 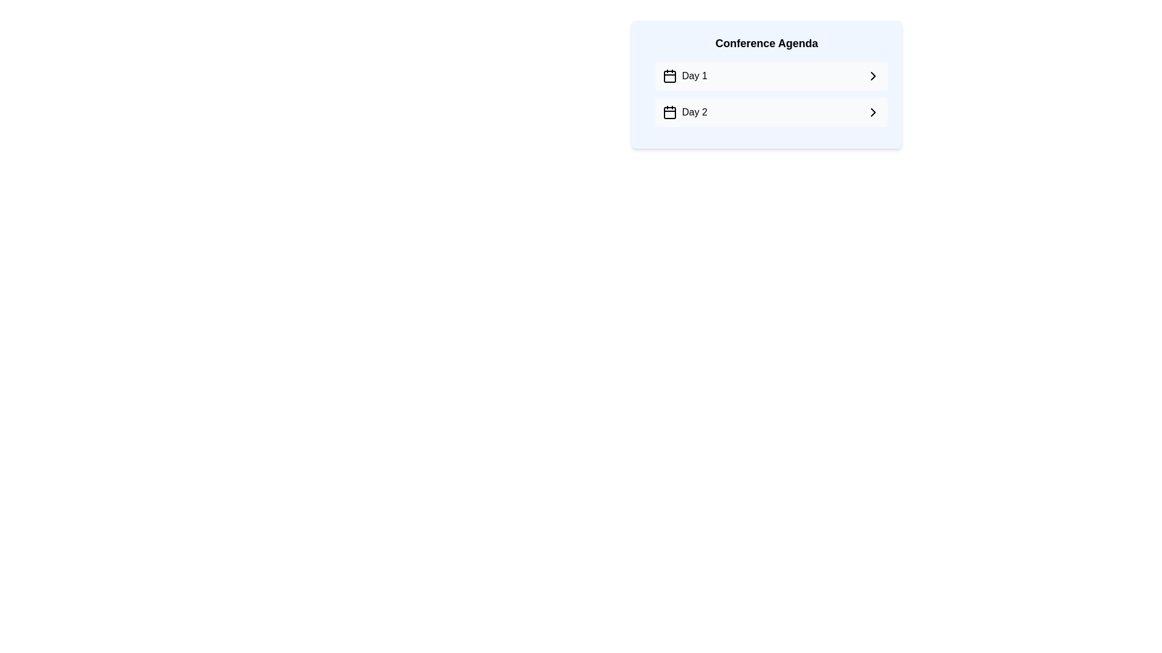 What do you see at coordinates (669, 112) in the screenshot?
I see `the Calendar icon in the SVG graphic that signifies 'Day 2' in the Conference Agenda menu` at bounding box center [669, 112].